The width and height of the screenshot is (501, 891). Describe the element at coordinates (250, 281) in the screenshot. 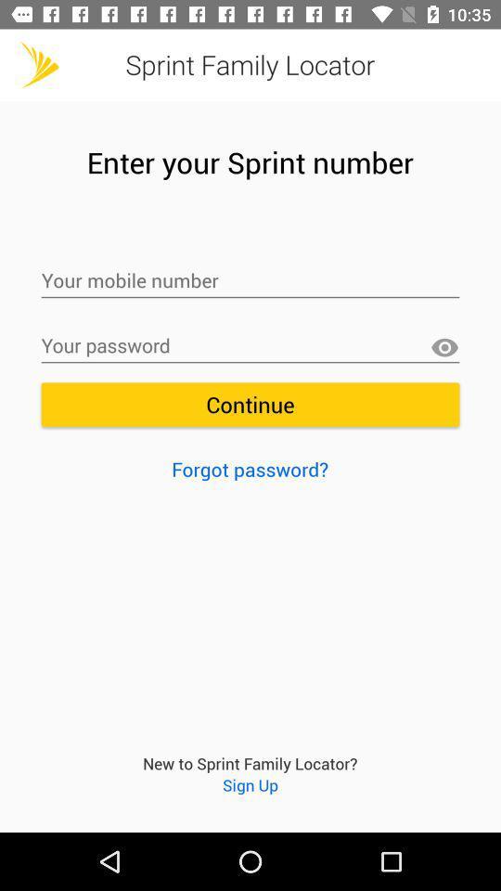

I see `phone number` at that location.